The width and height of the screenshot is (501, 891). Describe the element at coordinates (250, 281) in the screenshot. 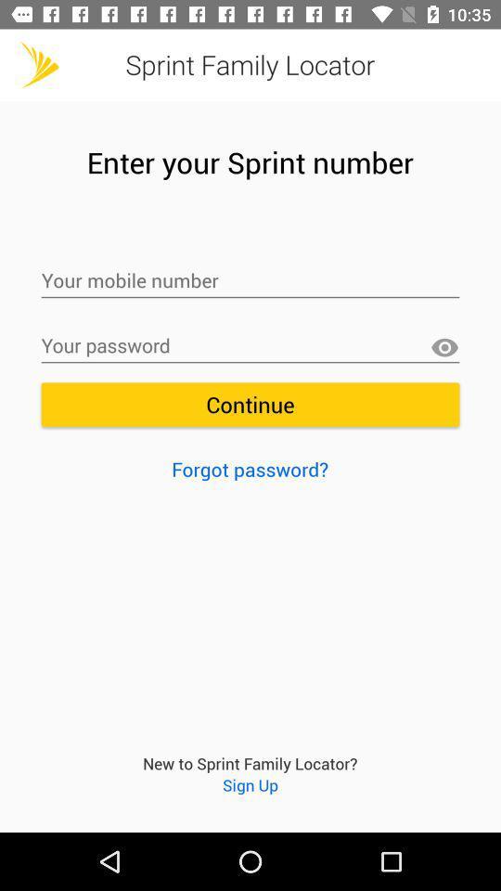

I see `phone number` at that location.